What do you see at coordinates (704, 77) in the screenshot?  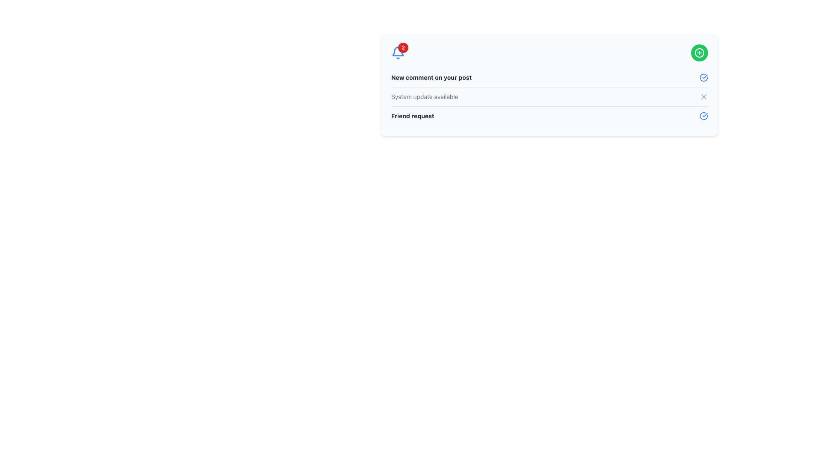 I see `the interactive confirmation icon button located to the far right of the text 'New comment on your post'` at bounding box center [704, 77].